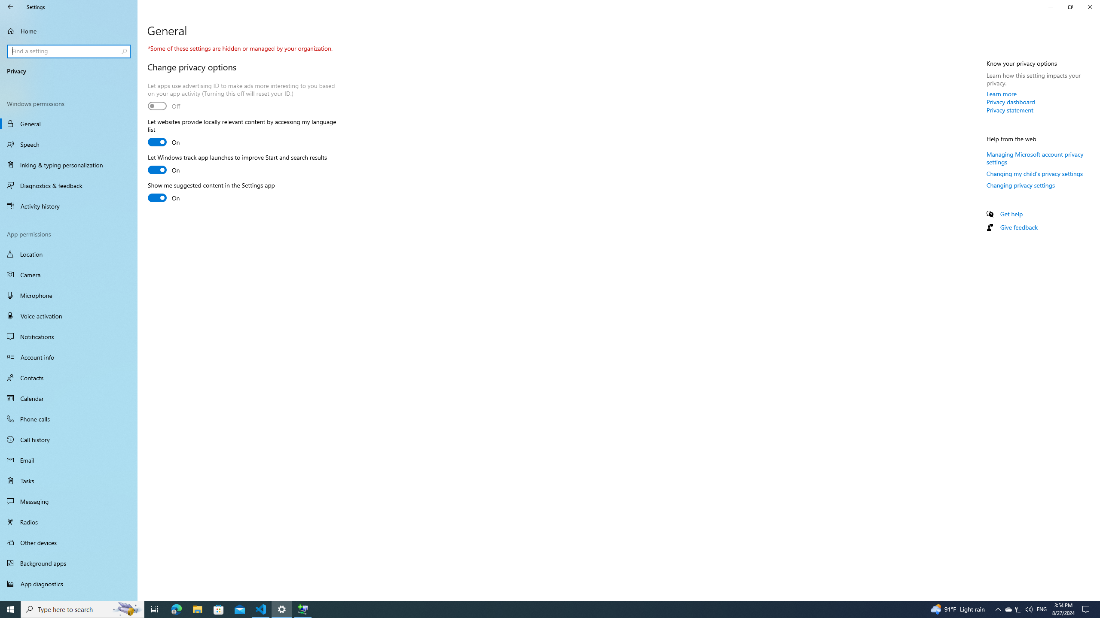 The height and width of the screenshot is (618, 1100). What do you see at coordinates (68, 480) in the screenshot?
I see `'Tasks'` at bounding box center [68, 480].